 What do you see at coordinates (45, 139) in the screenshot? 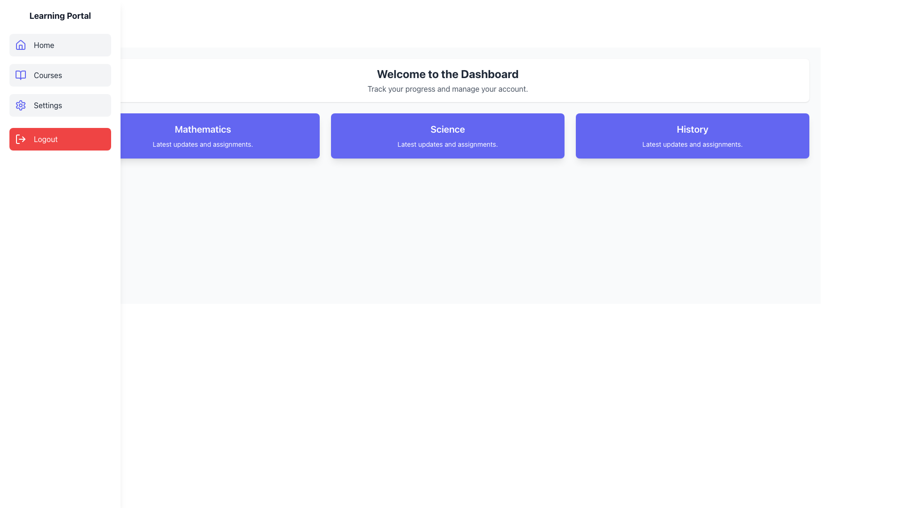
I see `the text label that serves as a logout button in the navigation sidebar, positioned next to the logout icon` at bounding box center [45, 139].